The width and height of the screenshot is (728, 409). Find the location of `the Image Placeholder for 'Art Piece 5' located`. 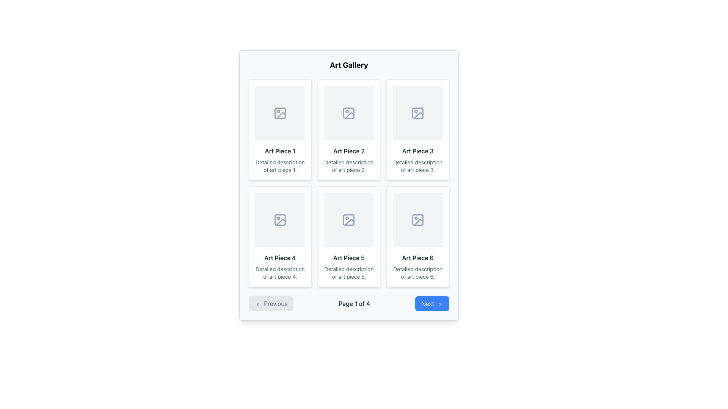

the Image Placeholder for 'Art Piece 5' located is located at coordinates (348, 220).